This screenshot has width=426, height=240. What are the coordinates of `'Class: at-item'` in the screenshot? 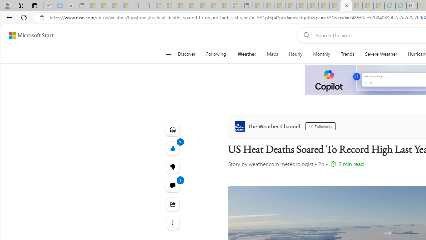 It's located at (172, 223).